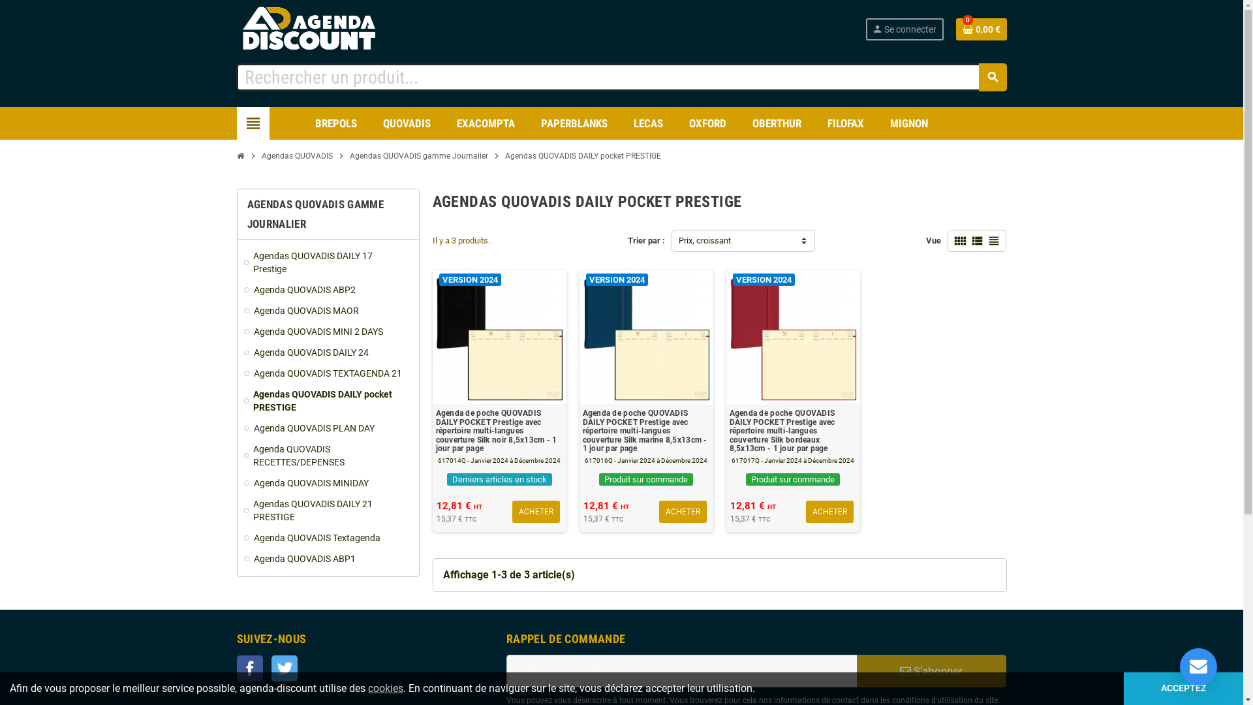 This screenshot has width=1253, height=705. Describe the element at coordinates (372, 123) in the screenshot. I see `'QUOVADIS'` at that location.